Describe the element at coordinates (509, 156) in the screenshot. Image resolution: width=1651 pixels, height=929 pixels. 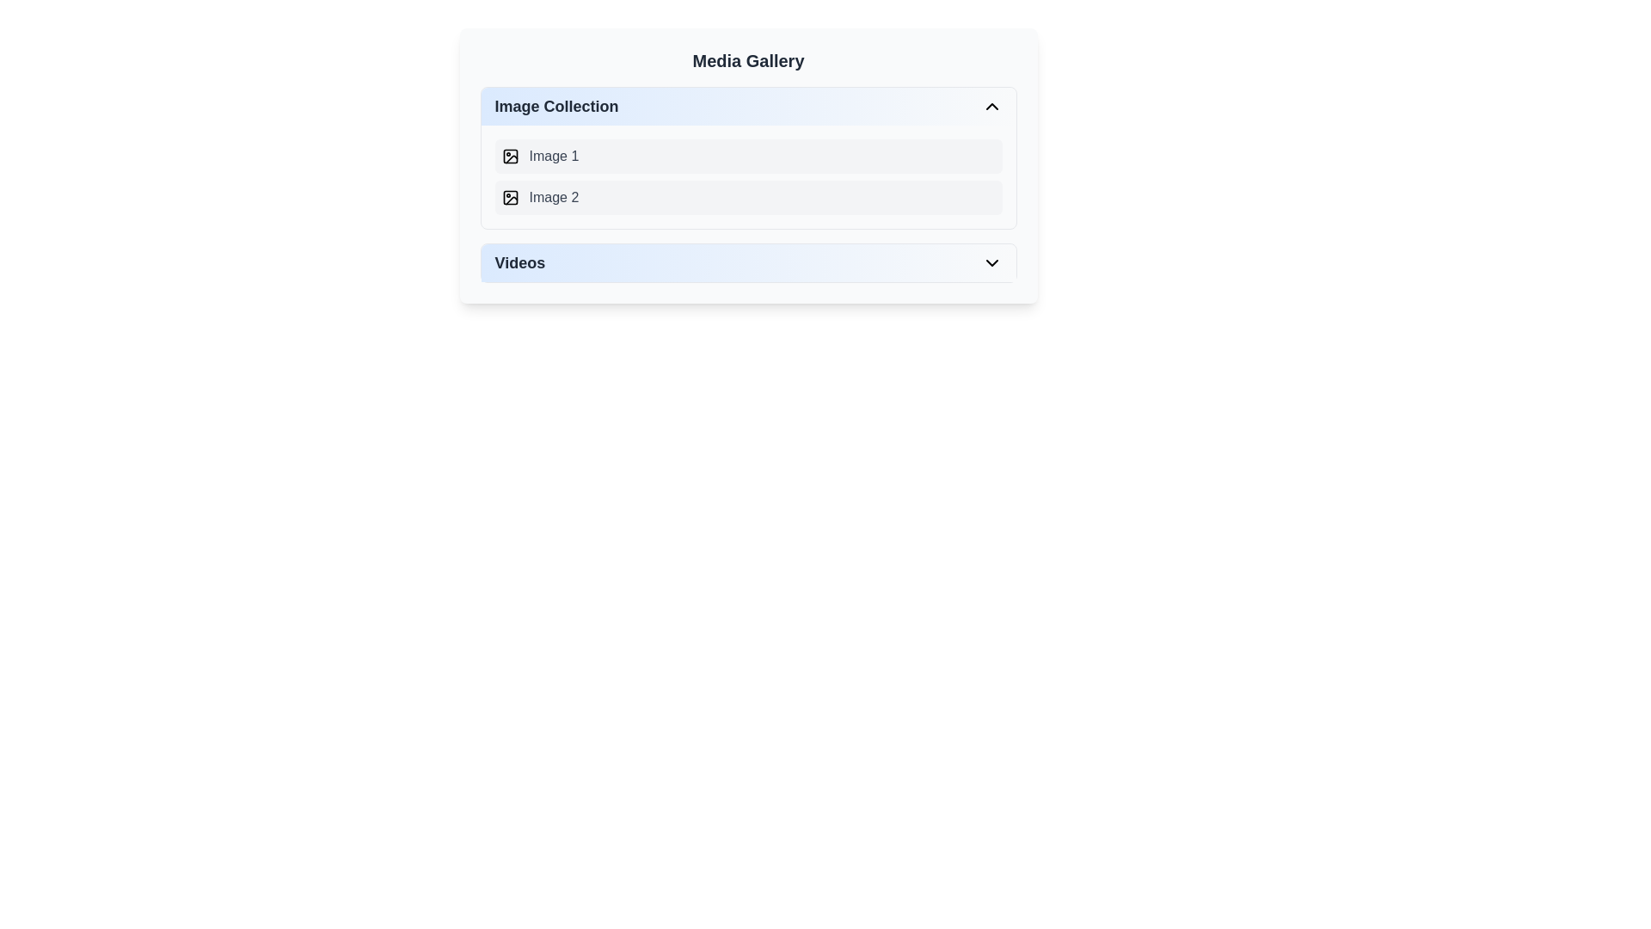
I see `the image placeholder icon, which is the first icon to the left of the text 'Image 1' in the 'Image Collection' section of the 'Media Gallery' interface` at that location.